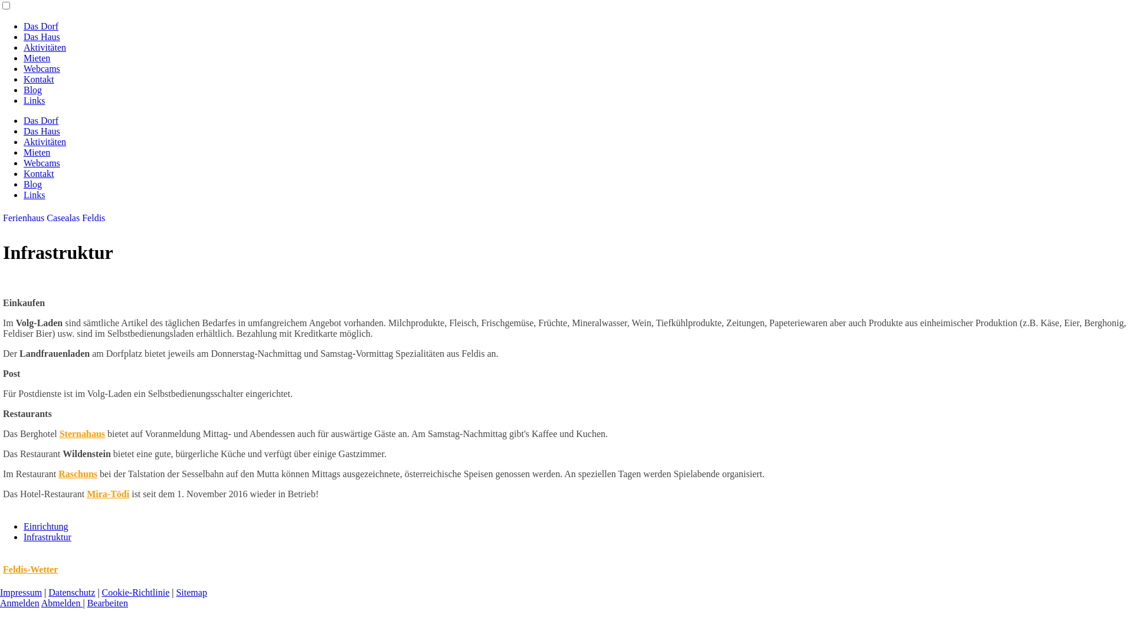  Describe the element at coordinates (2, 569) in the screenshot. I see `'Feldis-Wetter'` at that location.